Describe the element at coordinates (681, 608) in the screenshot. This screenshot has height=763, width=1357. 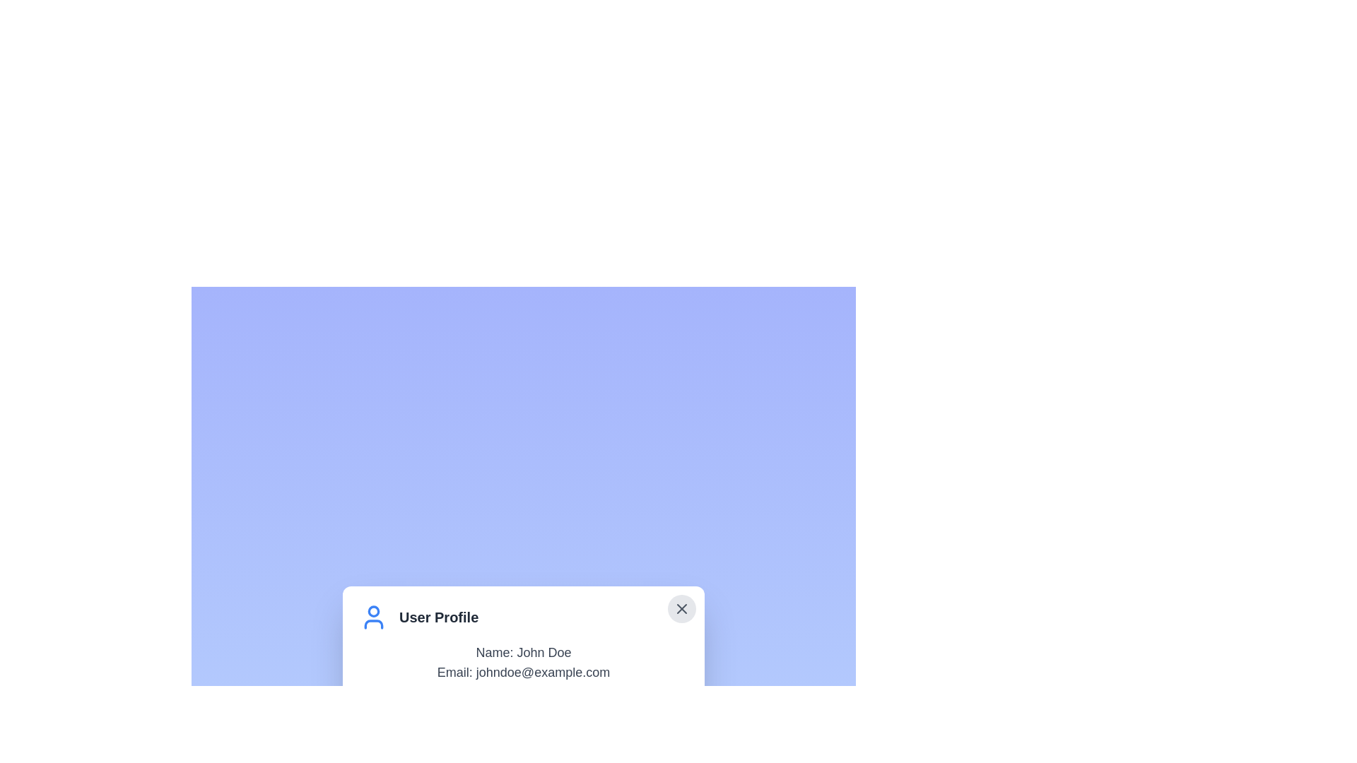
I see `the close button located at the top-right corner of the user profile dialog box` at that location.